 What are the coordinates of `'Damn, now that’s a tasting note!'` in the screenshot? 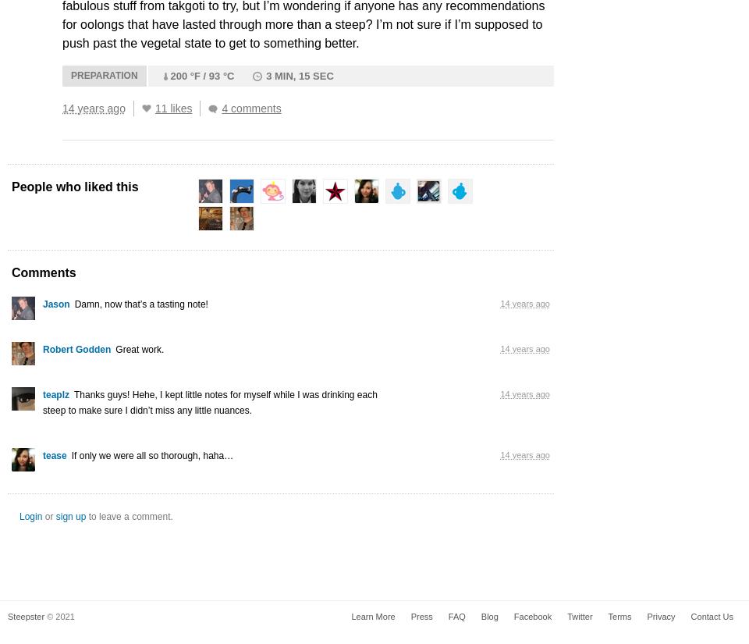 It's located at (140, 303).